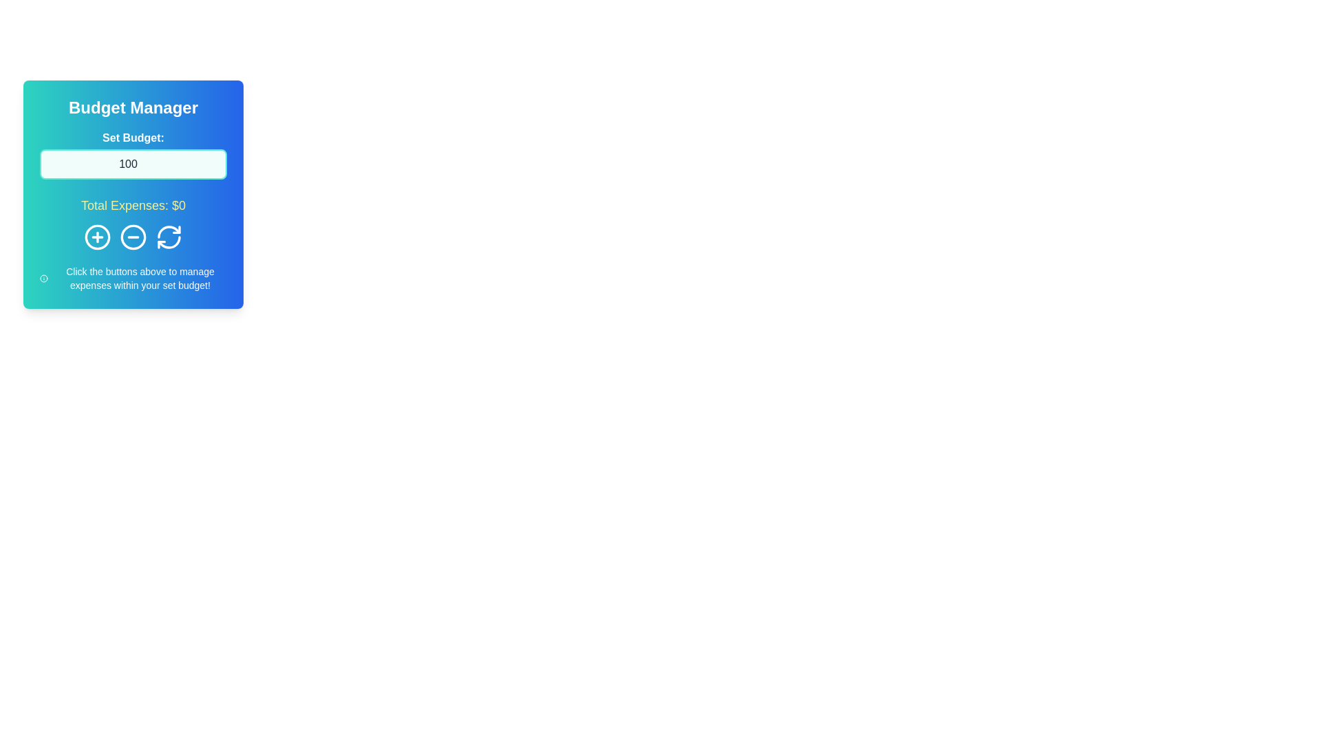  What do you see at coordinates (140, 279) in the screenshot?
I see `the Text Label that contains the phrase 'Click the buttons above to manage expenses within your set budget!' which is styled with small white text on a blue gradient background` at bounding box center [140, 279].